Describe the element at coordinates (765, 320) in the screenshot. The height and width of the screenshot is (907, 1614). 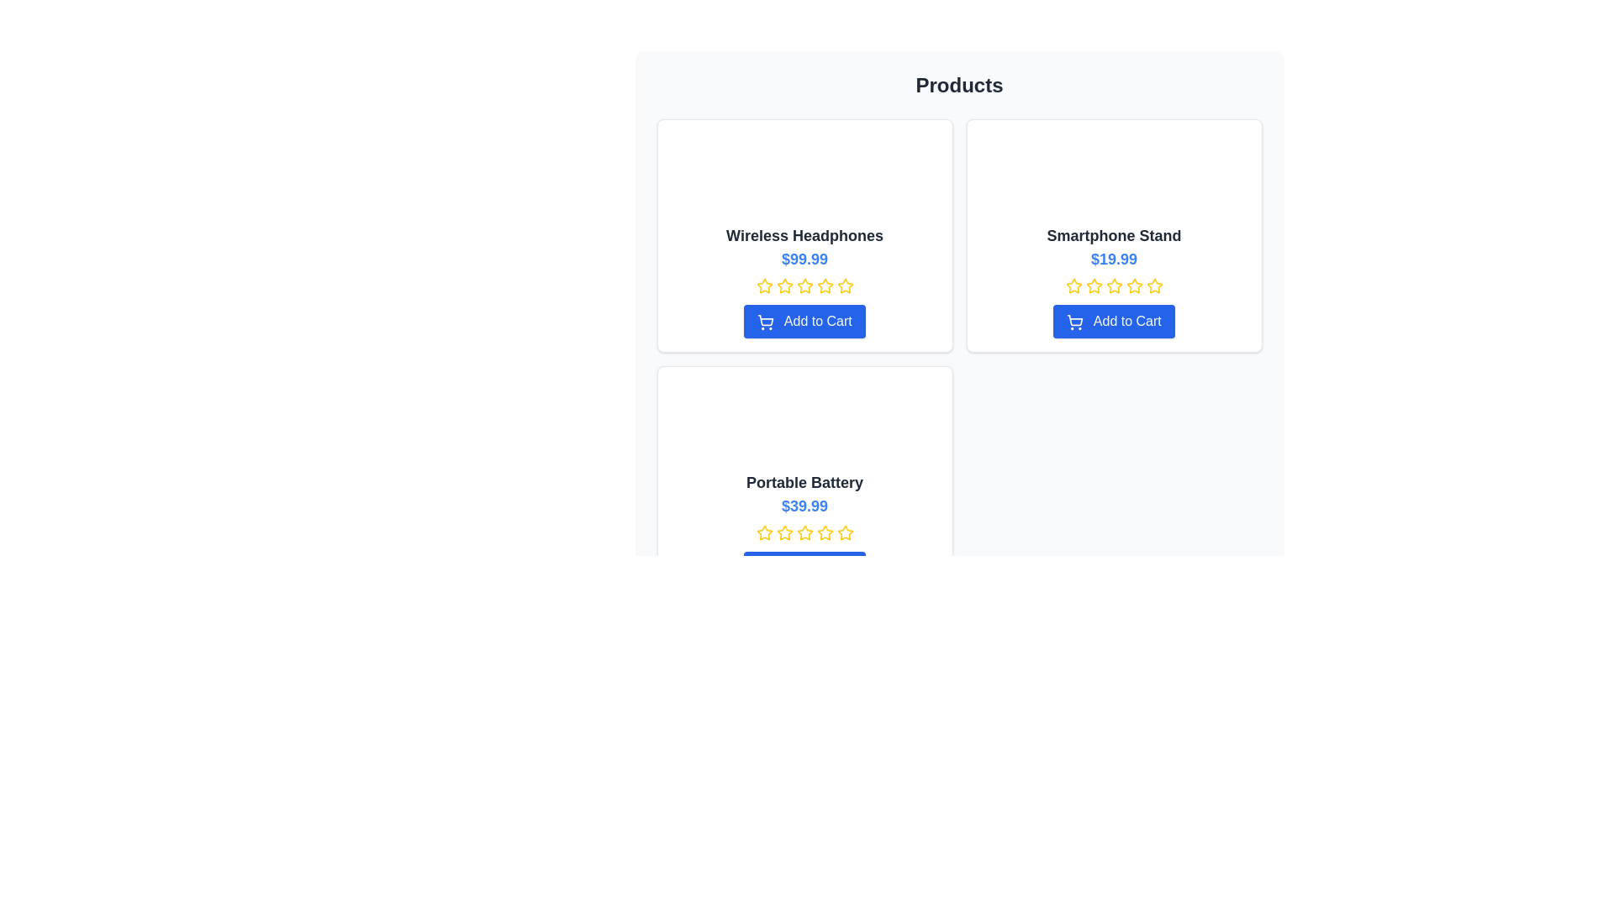
I see `the 'Add to Cart' button featuring a shopping cart icon for the 'Wireless Headphones' product` at that location.